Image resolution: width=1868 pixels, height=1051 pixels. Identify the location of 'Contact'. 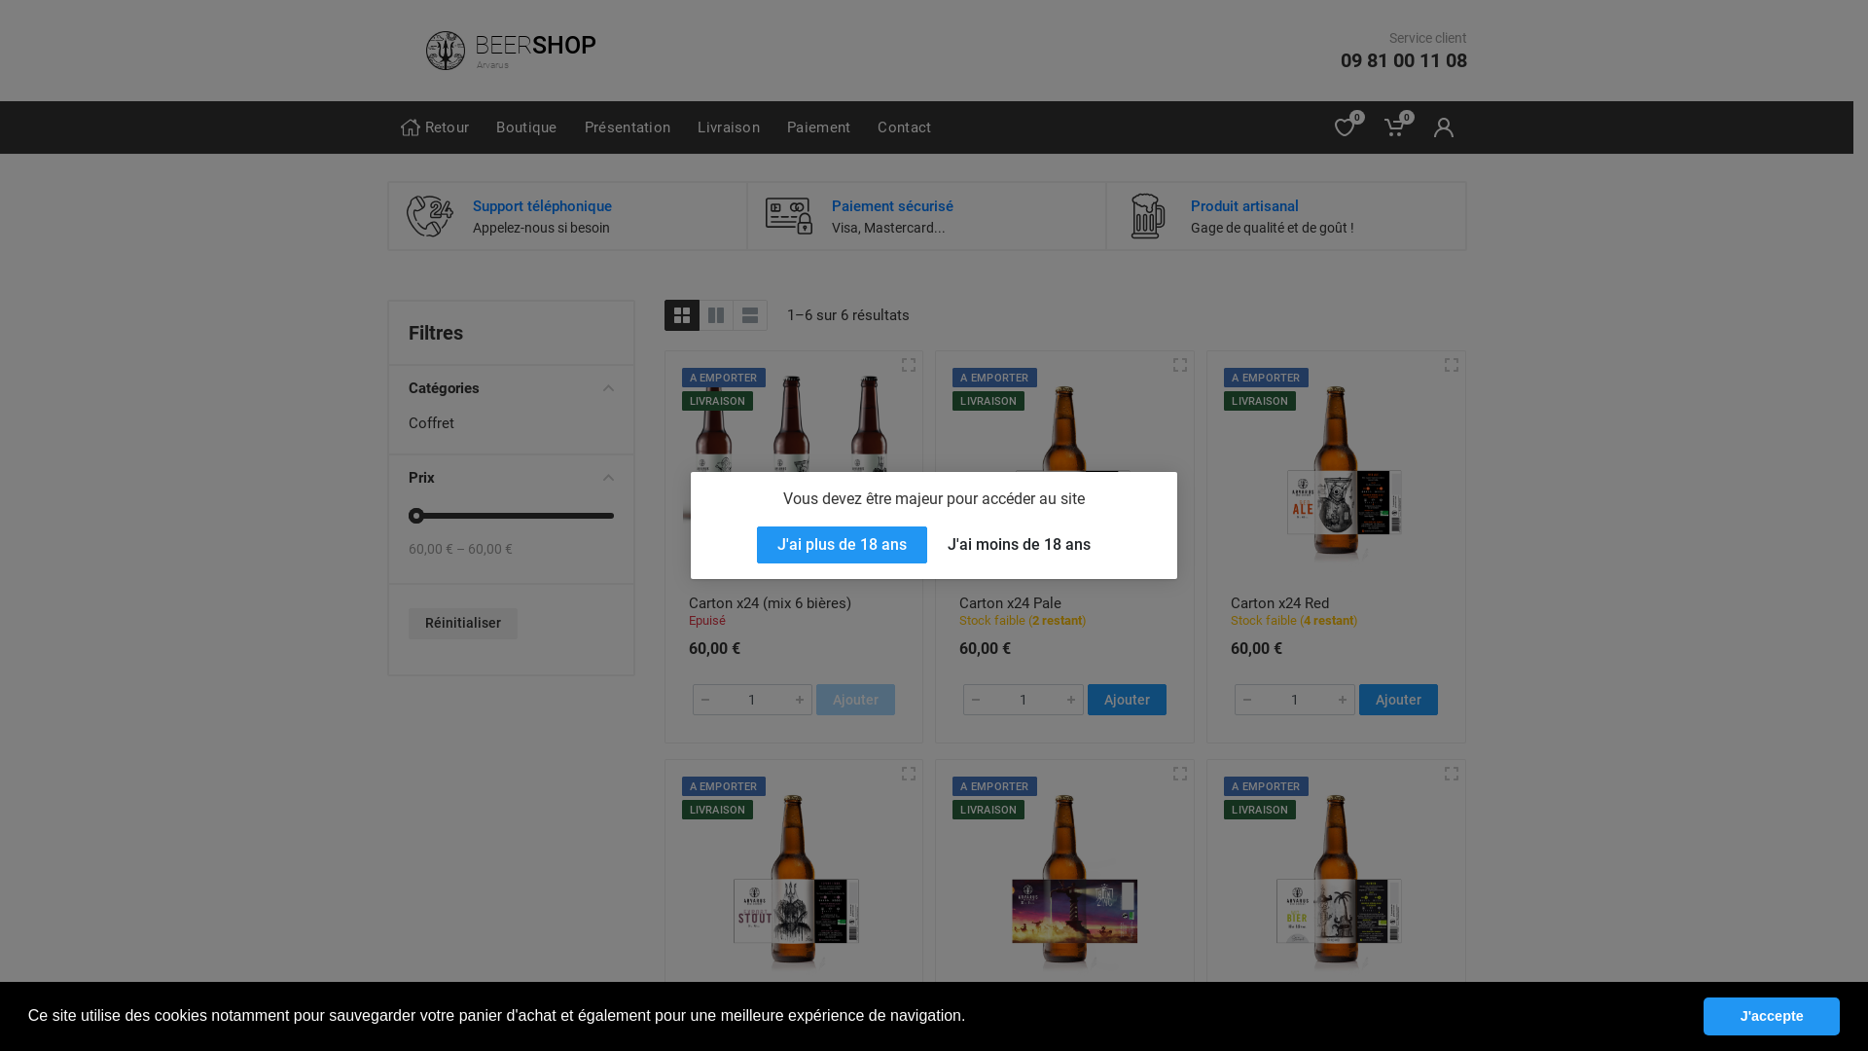
(903, 127).